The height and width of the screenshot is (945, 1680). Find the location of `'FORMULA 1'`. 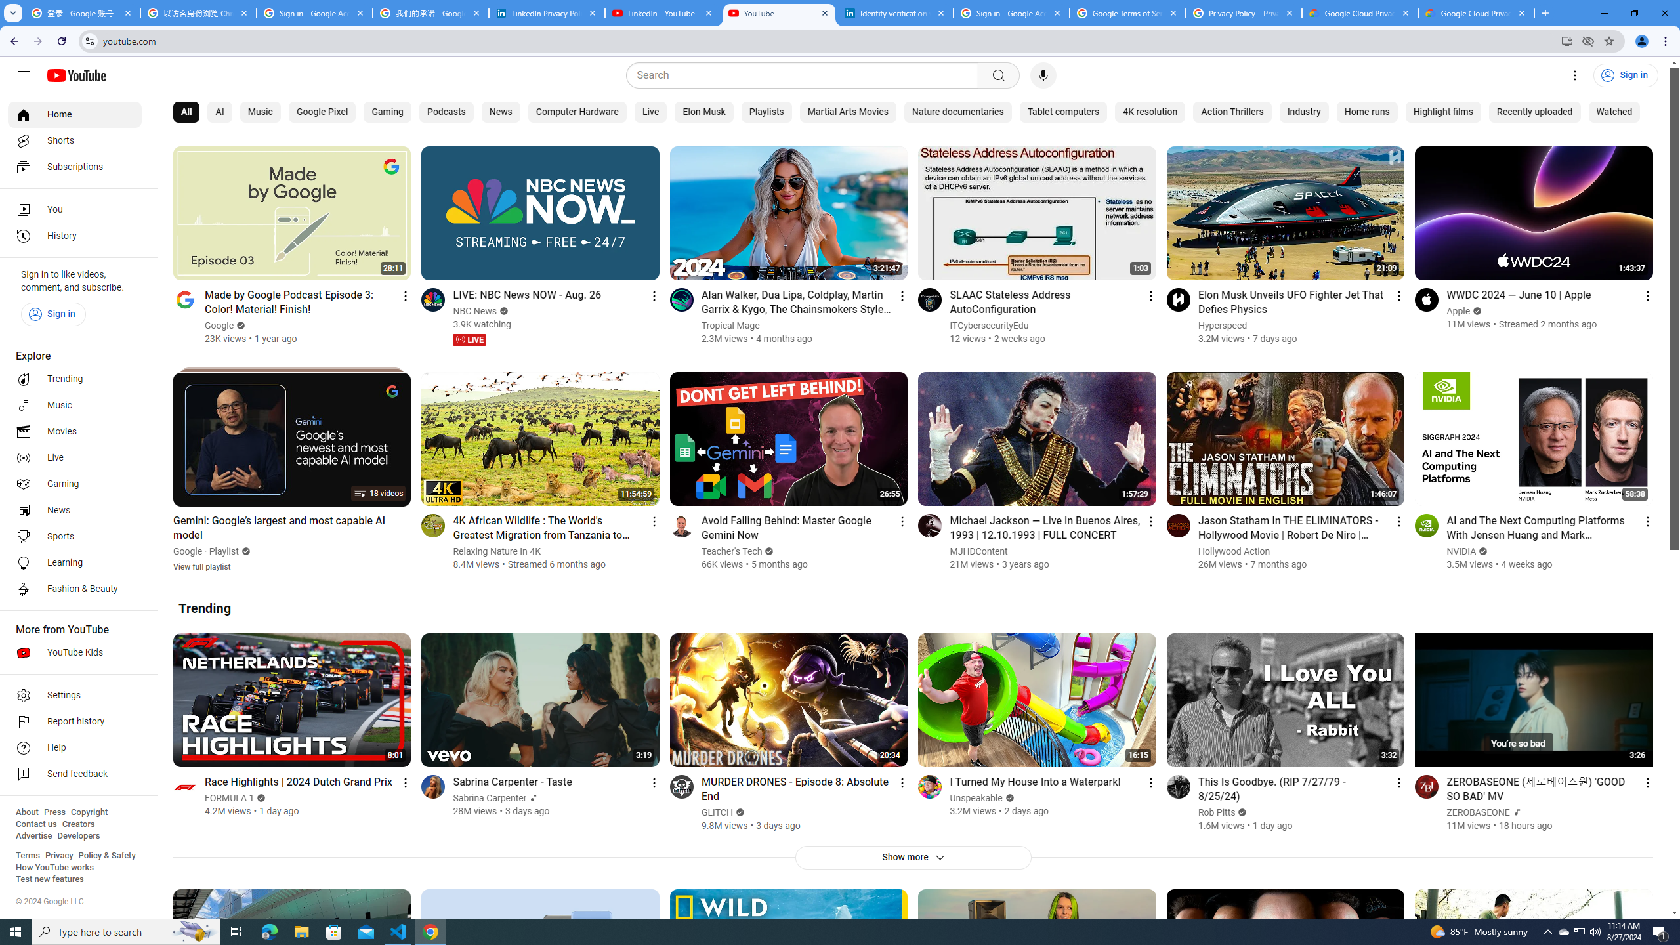

'FORMULA 1' is located at coordinates (230, 797).